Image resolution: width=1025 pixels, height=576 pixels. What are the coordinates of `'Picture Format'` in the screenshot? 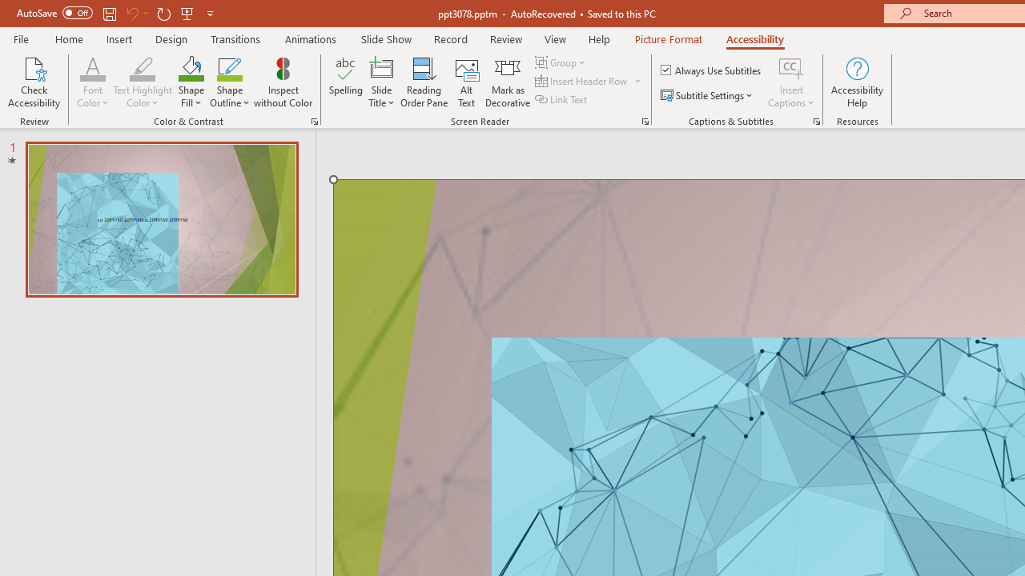 It's located at (669, 38).